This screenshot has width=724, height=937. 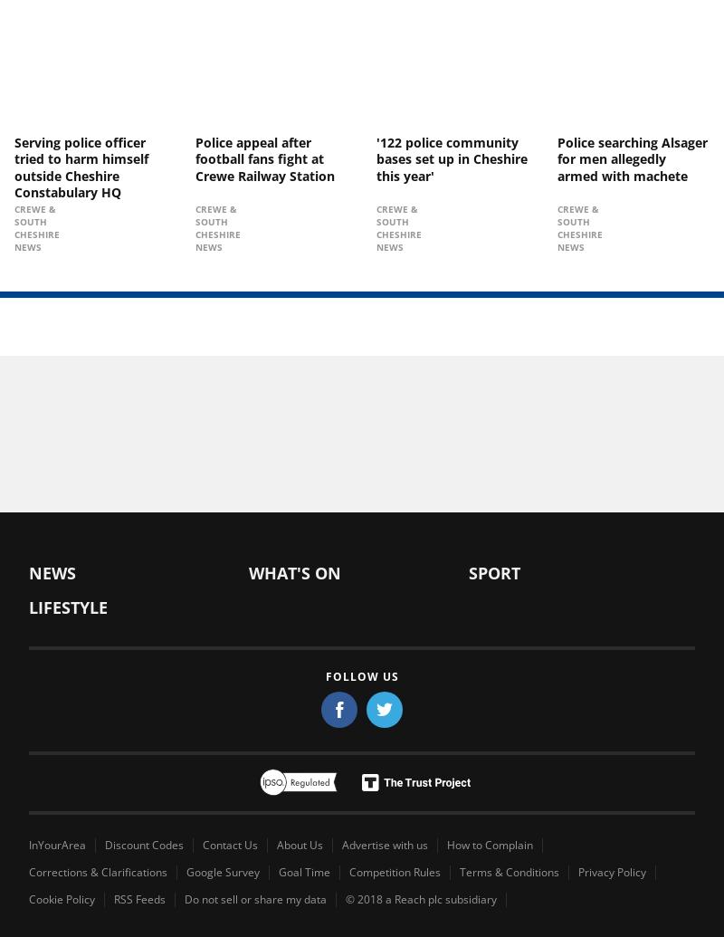 What do you see at coordinates (97, 871) in the screenshot?
I see `'Corrections & Clarifications'` at bounding box center [97, 871].